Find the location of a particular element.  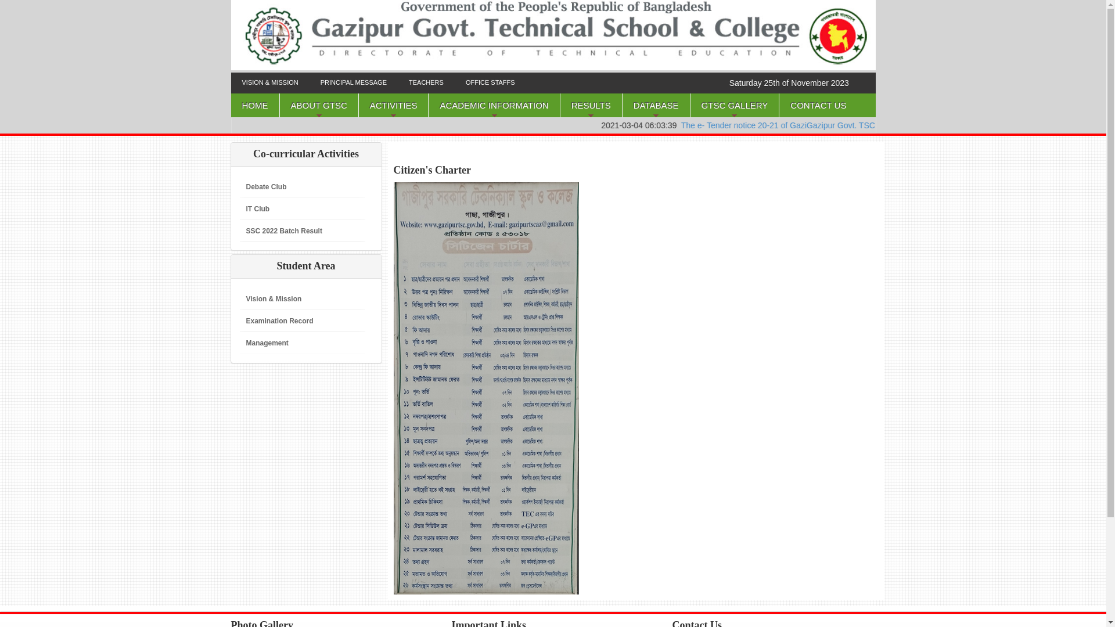

'ABOUT GTSC' is located at coordinates (319, 105).